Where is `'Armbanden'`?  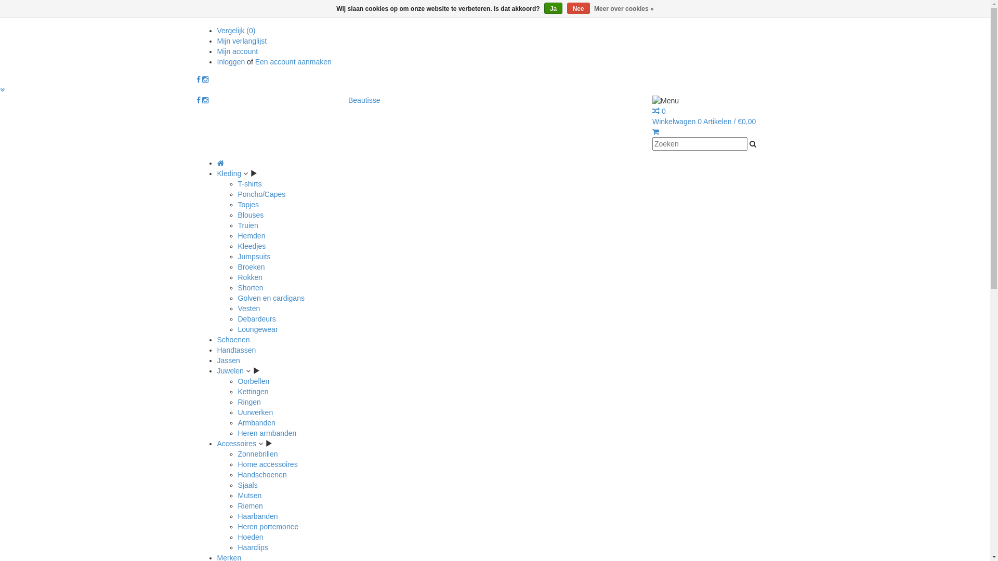 'Armbanden' is located at coordinates (257, 422).